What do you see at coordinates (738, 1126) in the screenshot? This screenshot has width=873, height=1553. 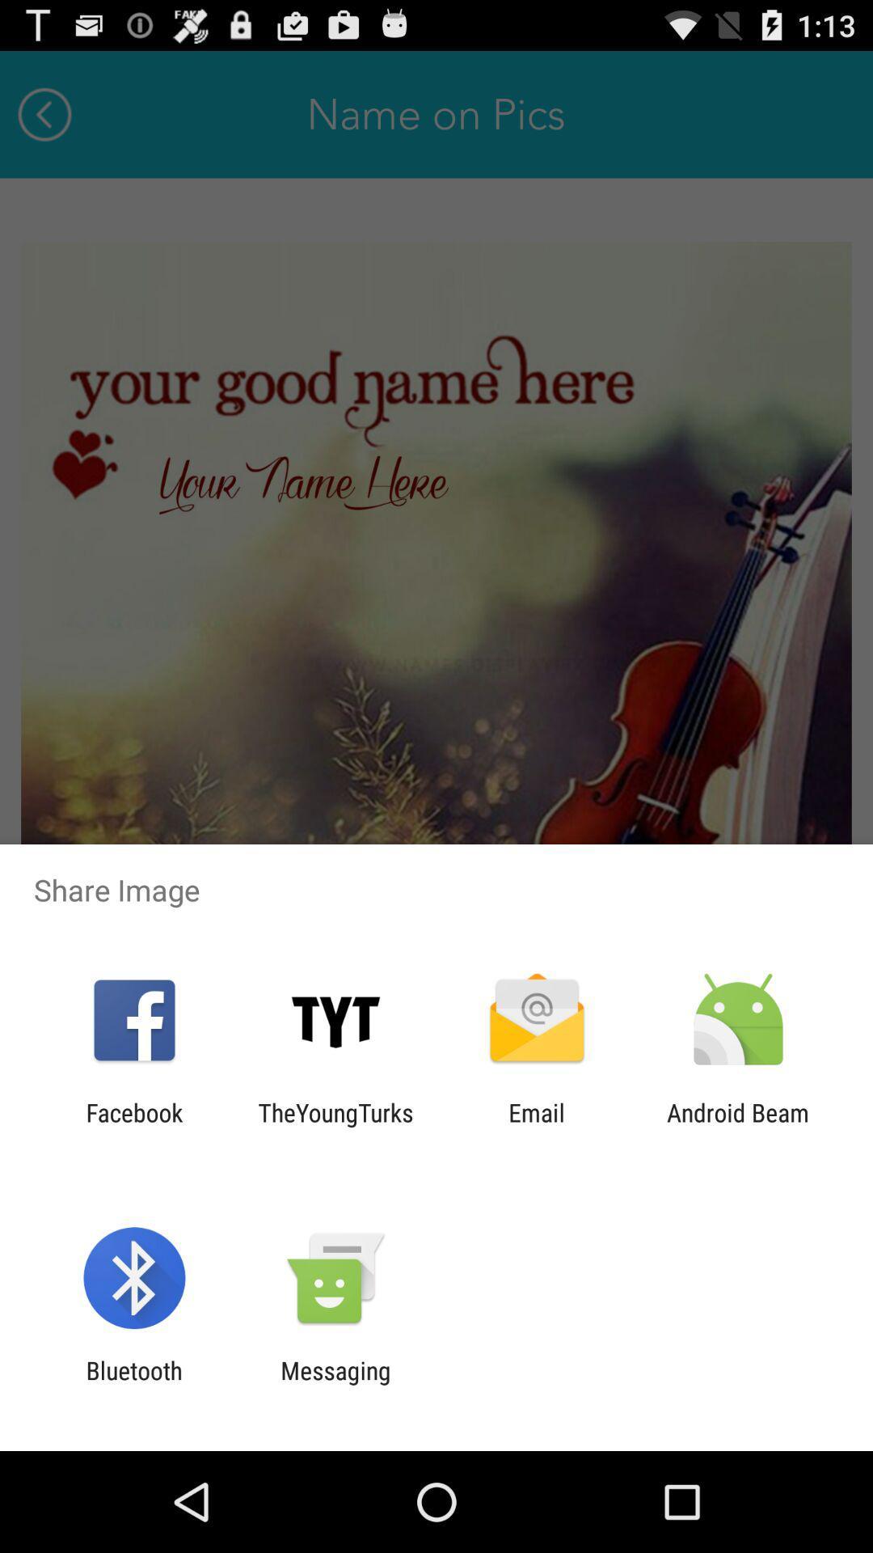 I see `the app to the right of email icon` at bounding box center [738, 1126].